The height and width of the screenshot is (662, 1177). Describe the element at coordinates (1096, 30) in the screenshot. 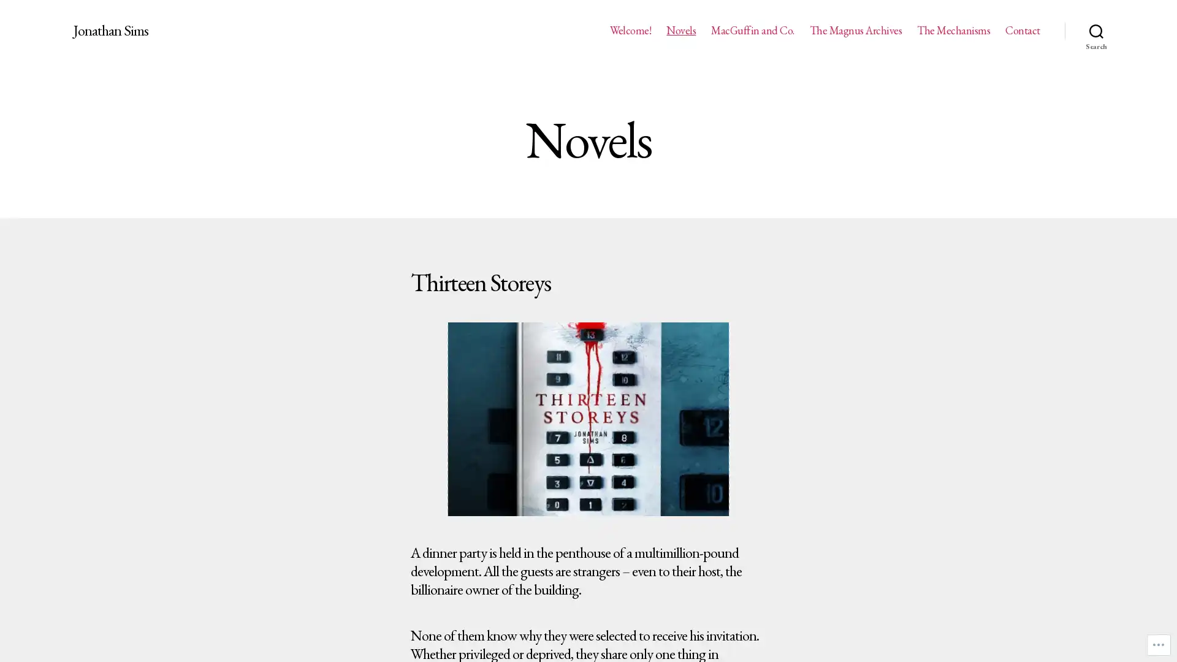

I see `Search` at that location.